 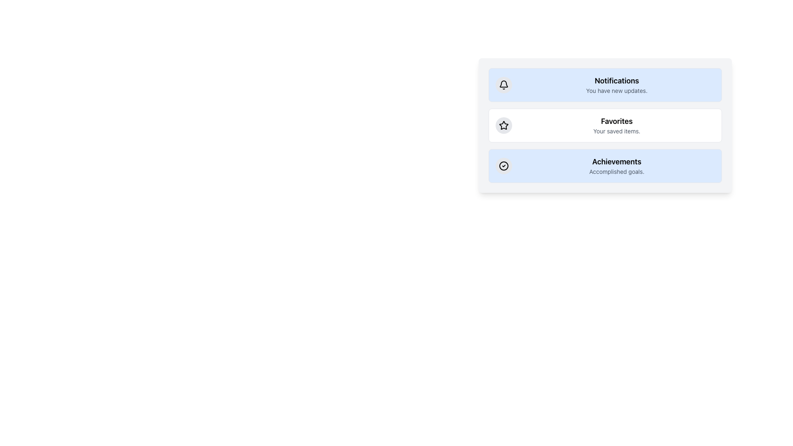 I want to click on the 'Favorites' section label, which identifies the purpose of this part of the user interface, positioned above 'Your saved items.' and below a star icon, so click(x=617, y=121).